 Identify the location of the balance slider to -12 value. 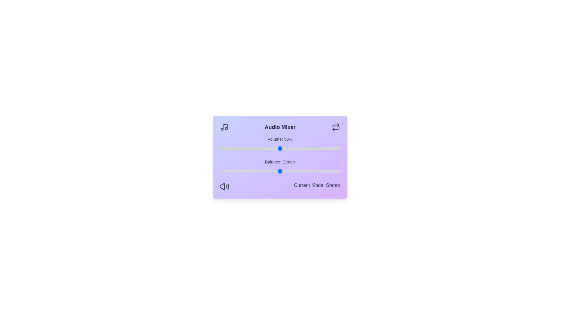
(265, 171).